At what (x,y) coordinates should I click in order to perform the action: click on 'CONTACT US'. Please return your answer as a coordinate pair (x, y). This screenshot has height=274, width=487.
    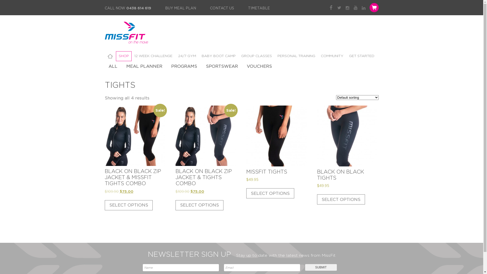
    Looking at the image, I should click on (222, 8).